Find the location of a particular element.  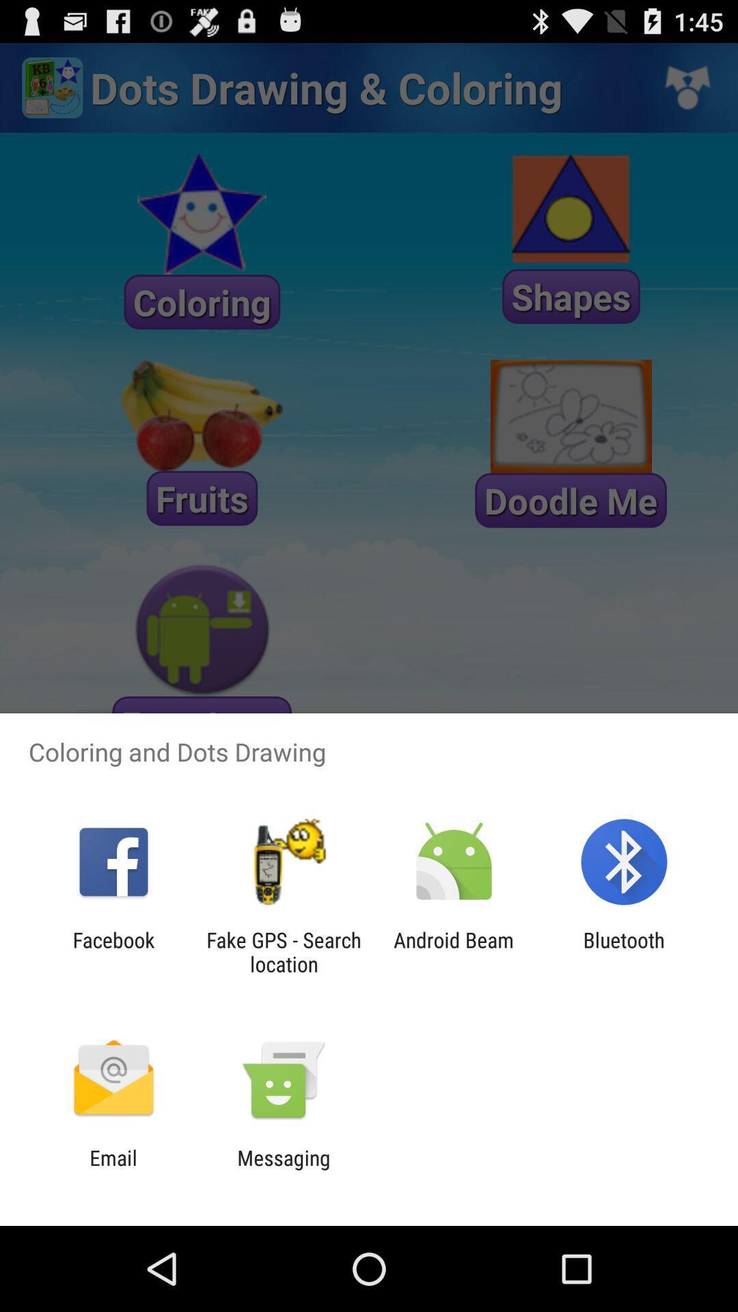

icon to the left of the messaging item is located at coordinates (113, 1169).